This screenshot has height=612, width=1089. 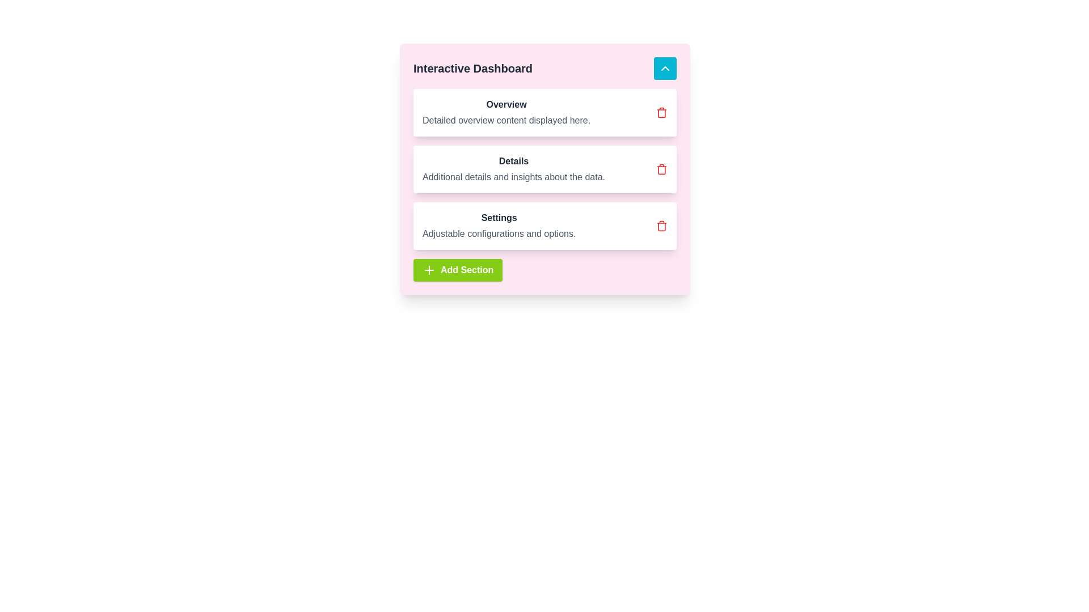 I want to click on the heading of the Text block that identifies a section or category of settings within the Interactive Dashboard to read the title, so click(x=499, y=226).